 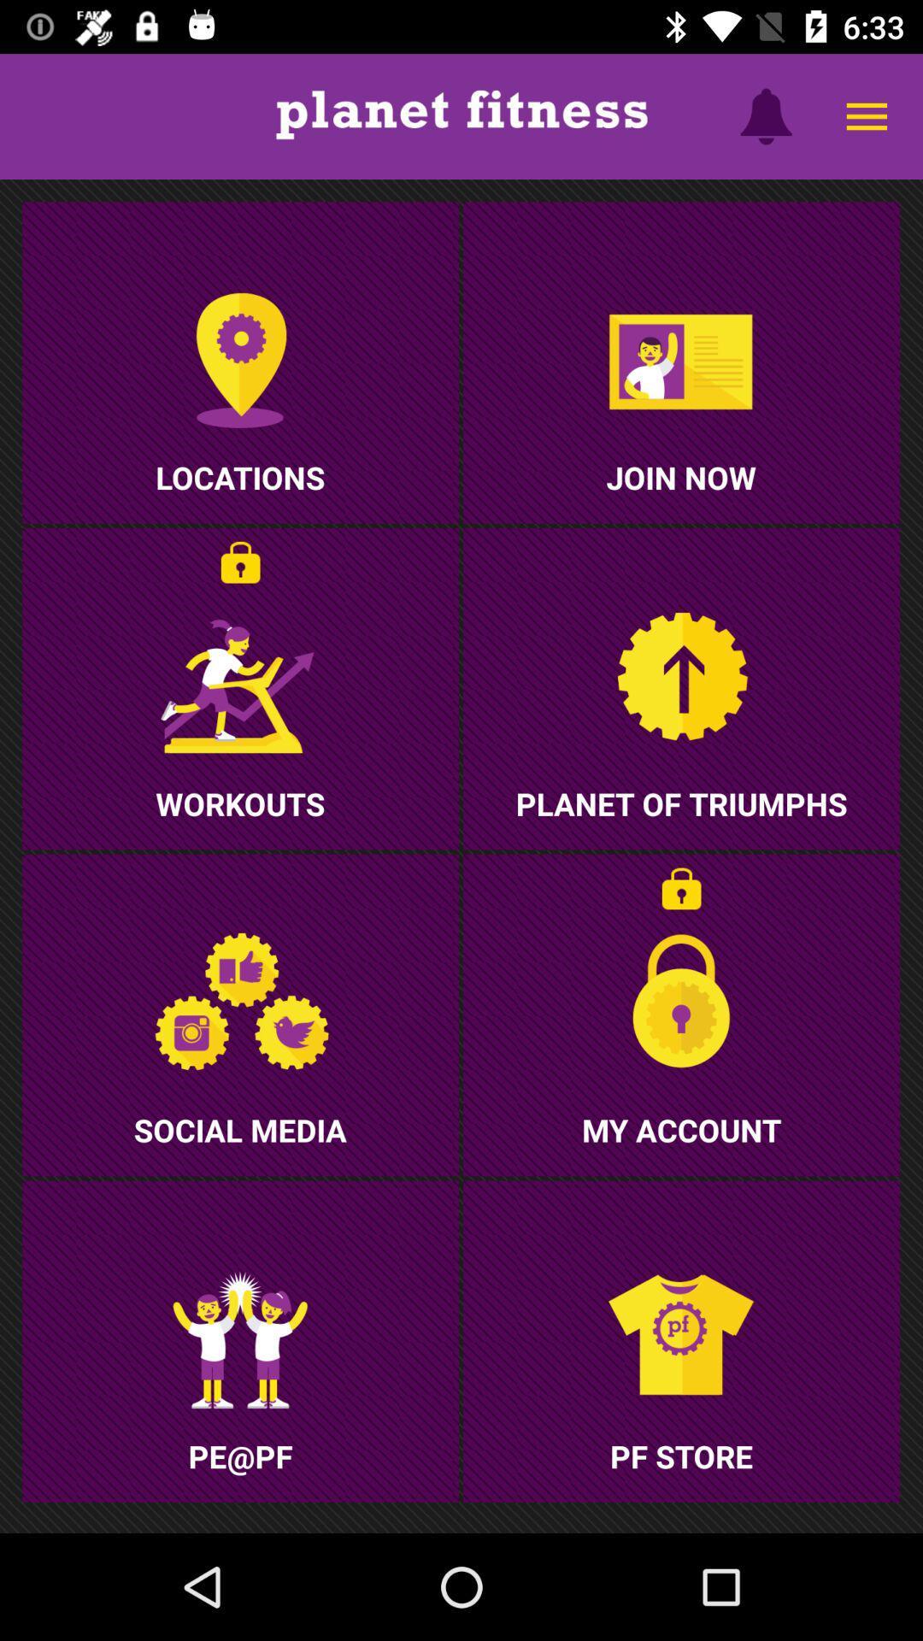 I want to click on the image which is above the pf store, so click(x=680, y=1340).